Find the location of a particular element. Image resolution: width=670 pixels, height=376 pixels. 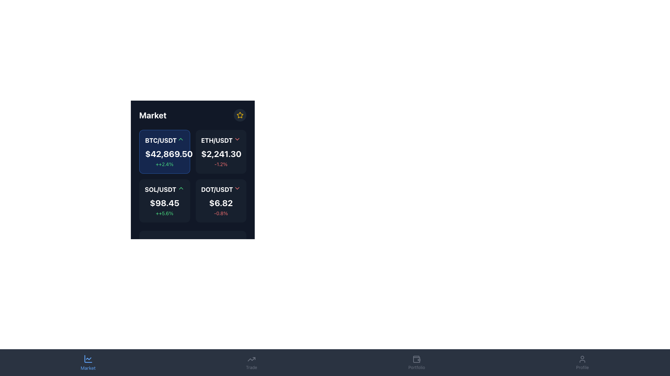

the text label displaying the trading pair 'BTC/USDT' located in the top-left cell of the cryptocurrency pairs grid in the 'Market' section is located at coordinates (161, 141).